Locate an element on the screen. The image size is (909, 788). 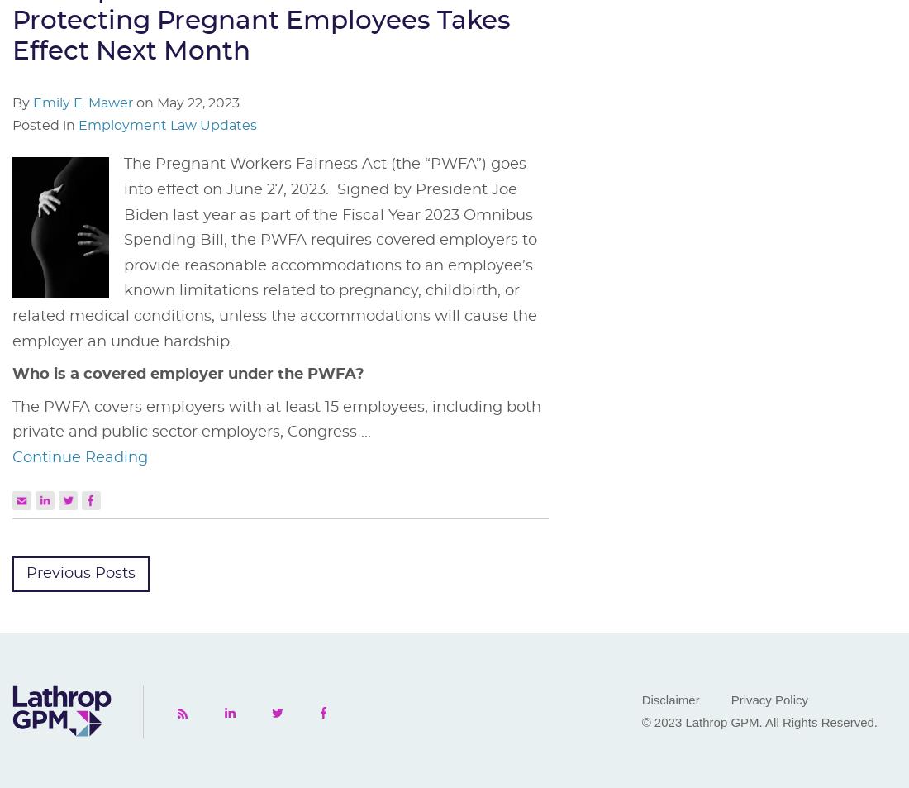
'Emily E. Mawer' is located at coordinates (83, 103).